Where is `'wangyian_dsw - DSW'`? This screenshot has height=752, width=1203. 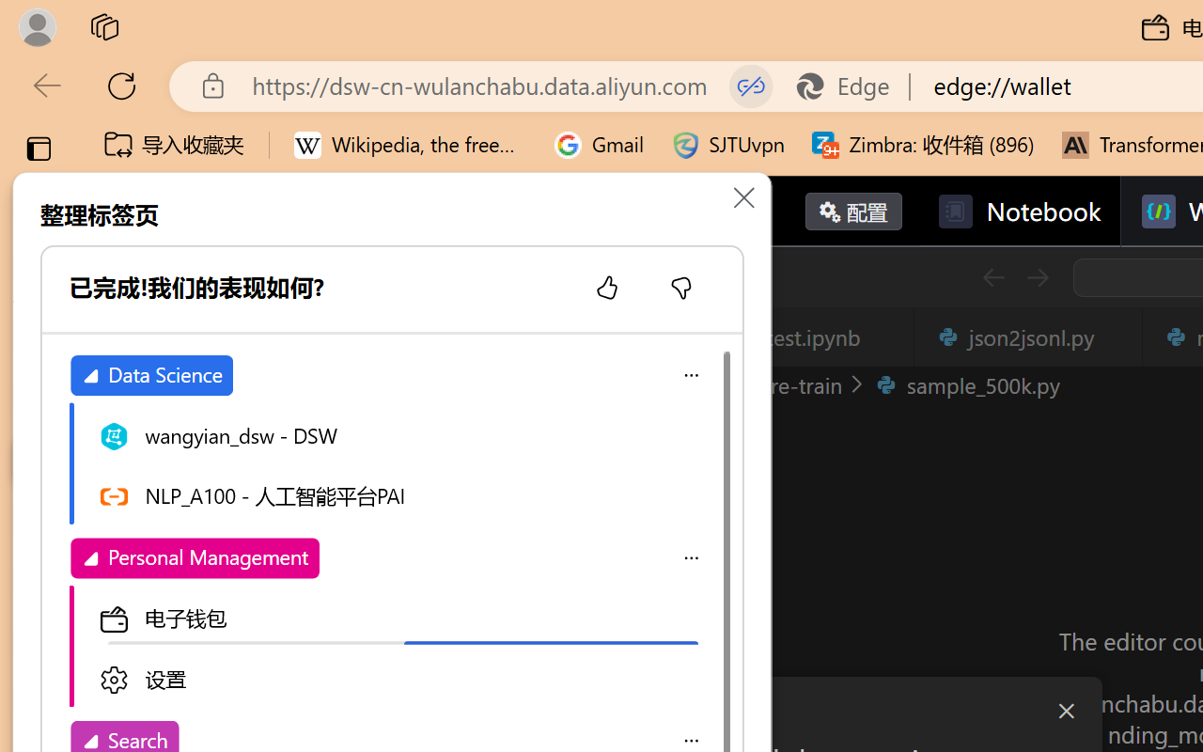 'wangyian_dsw - DSW' is located at coordinates (399, 433).